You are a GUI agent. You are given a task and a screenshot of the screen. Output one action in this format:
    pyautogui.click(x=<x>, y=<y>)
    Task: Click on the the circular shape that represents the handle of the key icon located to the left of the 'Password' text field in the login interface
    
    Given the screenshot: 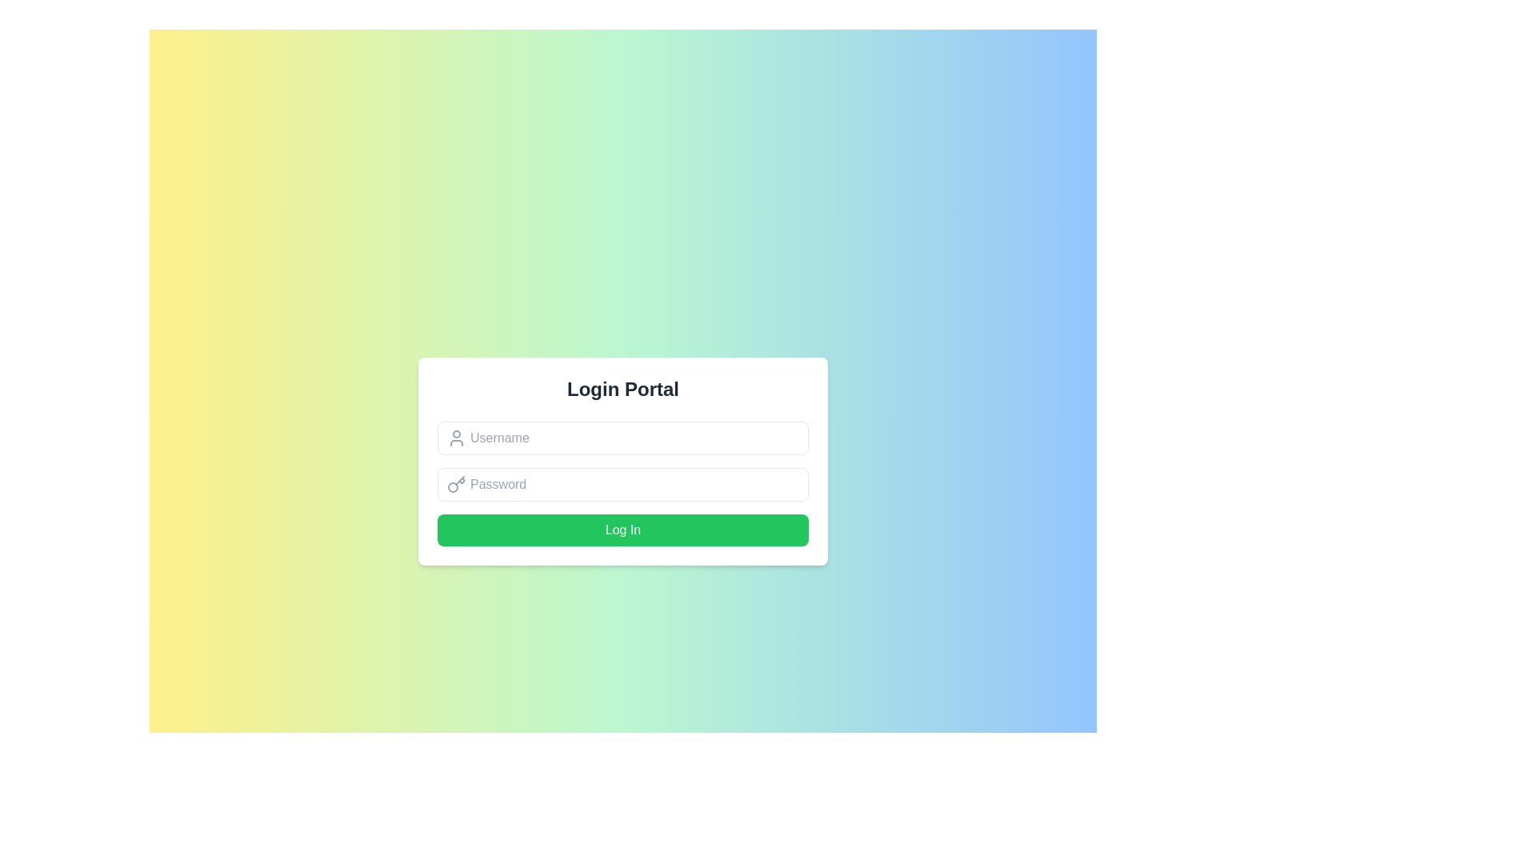 What is the action you would take?
    pyautogui.click(x=452, y=486)
    